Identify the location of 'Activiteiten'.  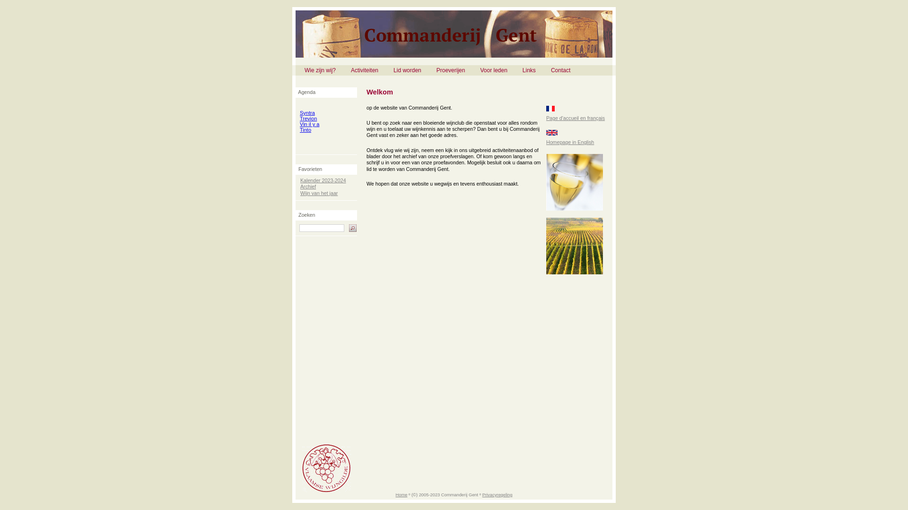
(343, 70).